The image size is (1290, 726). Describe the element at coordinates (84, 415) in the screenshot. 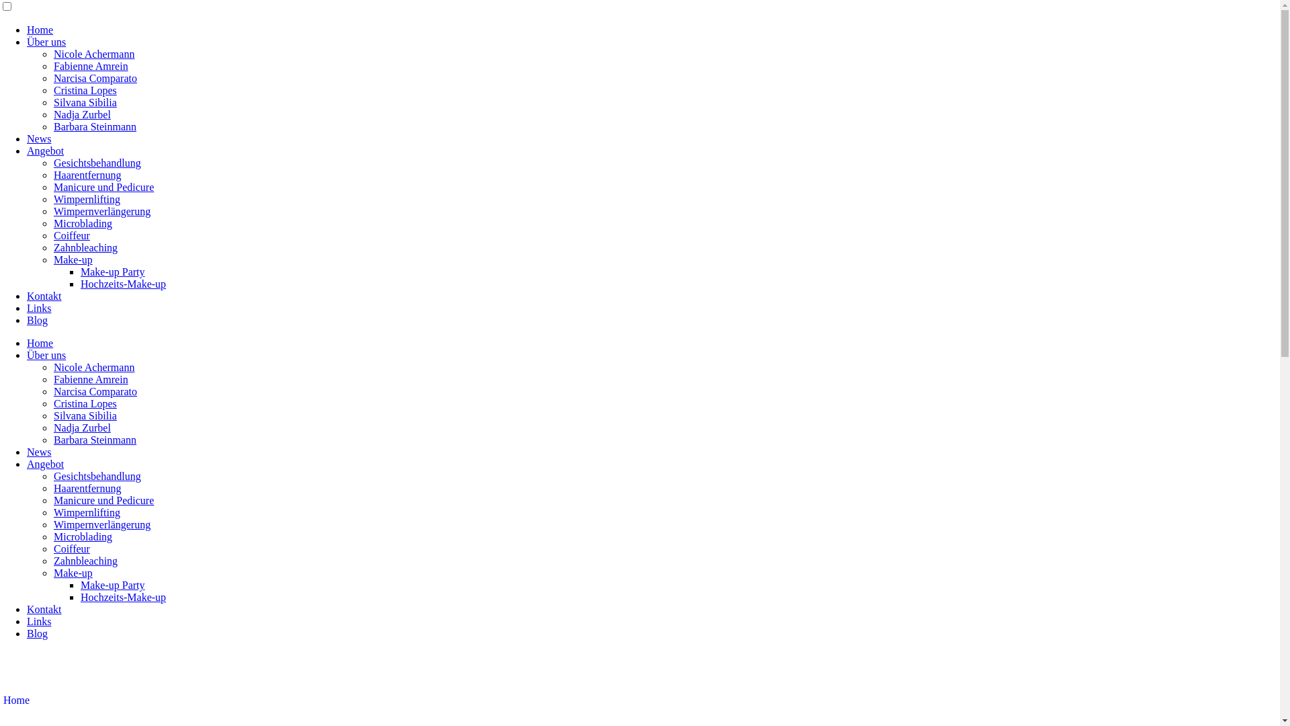

I see `'Silvana Sibilia'` at that location.